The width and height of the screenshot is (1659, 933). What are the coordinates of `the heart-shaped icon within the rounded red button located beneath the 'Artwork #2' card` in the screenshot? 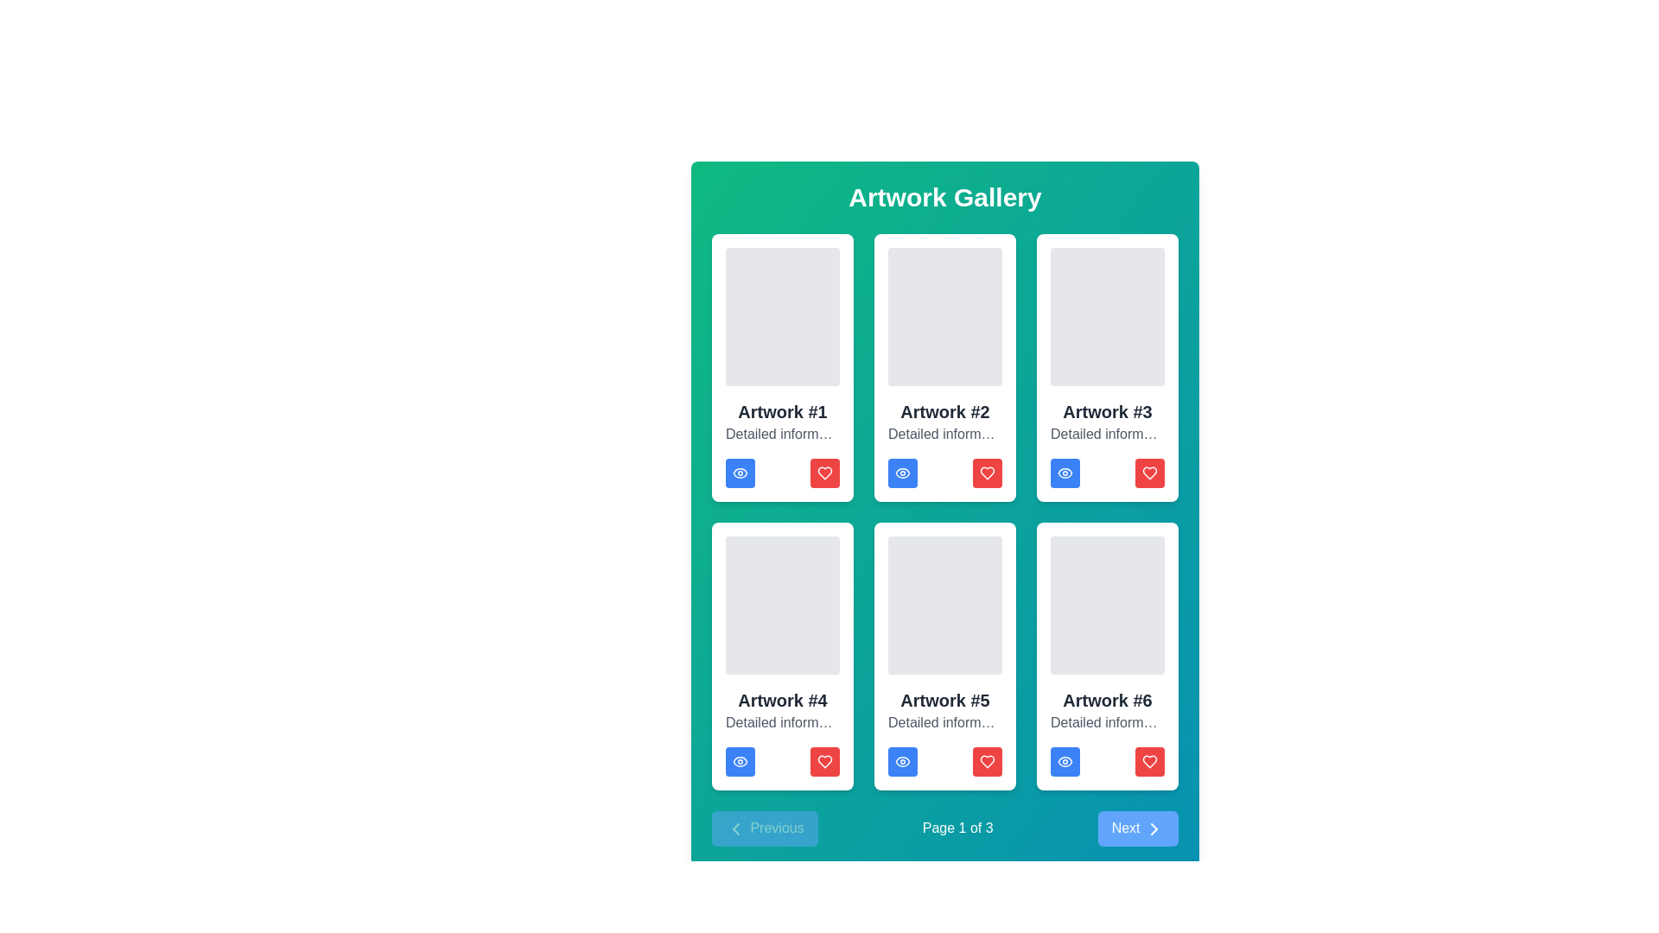 It's located at (987, 473).